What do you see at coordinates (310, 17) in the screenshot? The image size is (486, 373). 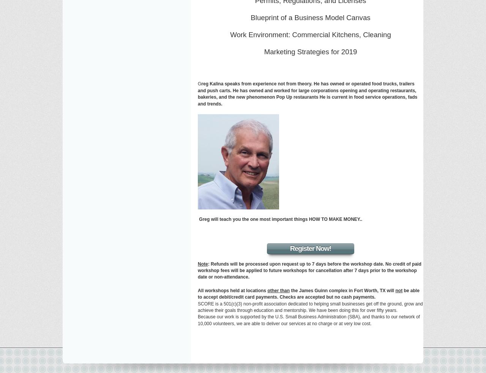 I see `'Blueprint of a Business Model Canvas'` at bounding box center [310, 17].